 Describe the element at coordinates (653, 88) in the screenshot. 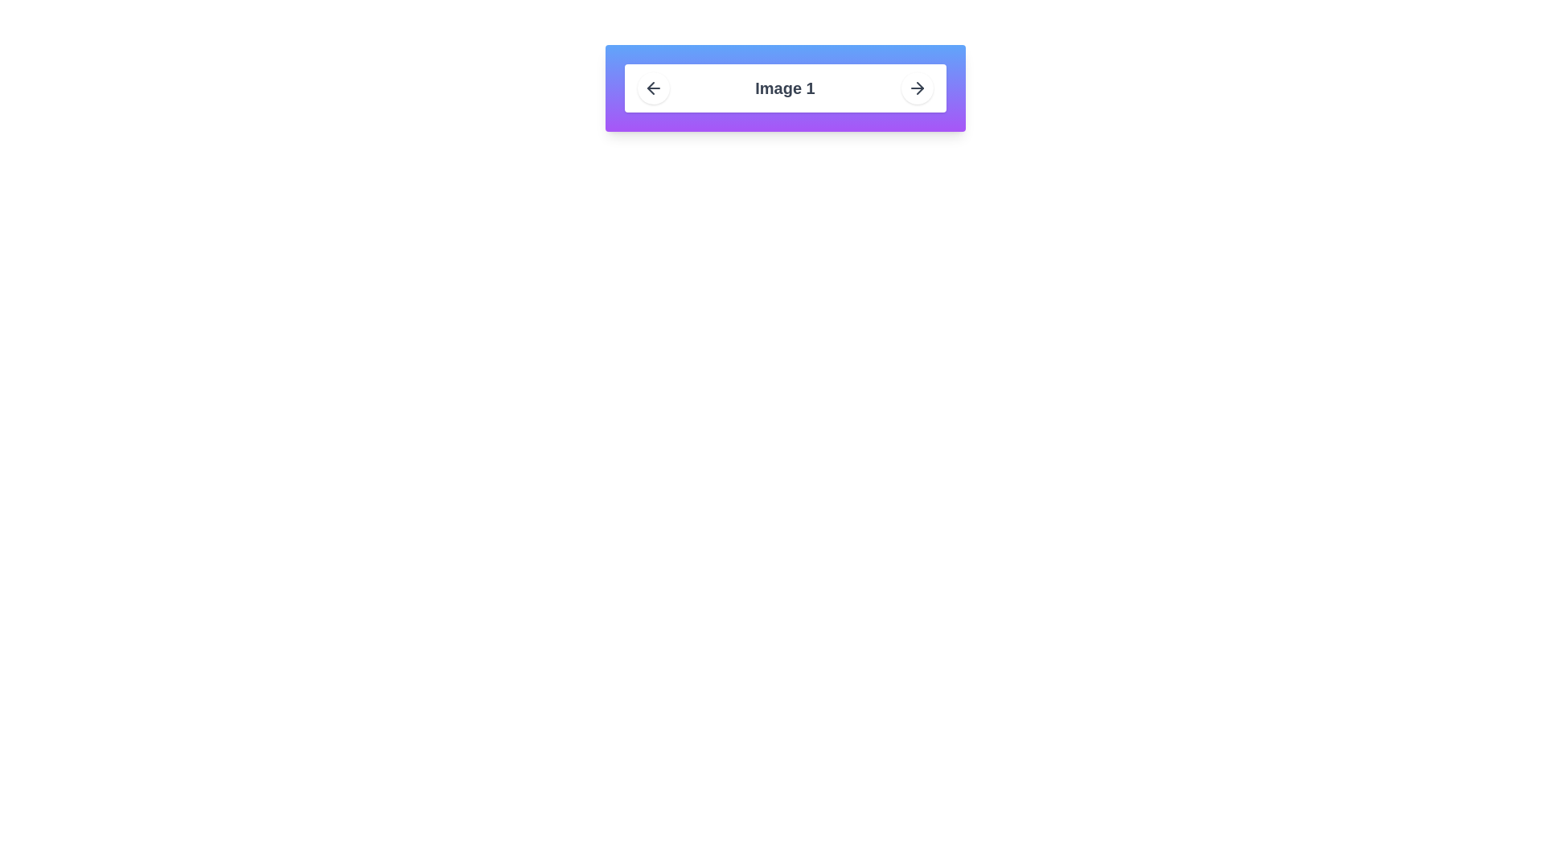

I see `the circular button with a leftward arrow symbol` at that location.